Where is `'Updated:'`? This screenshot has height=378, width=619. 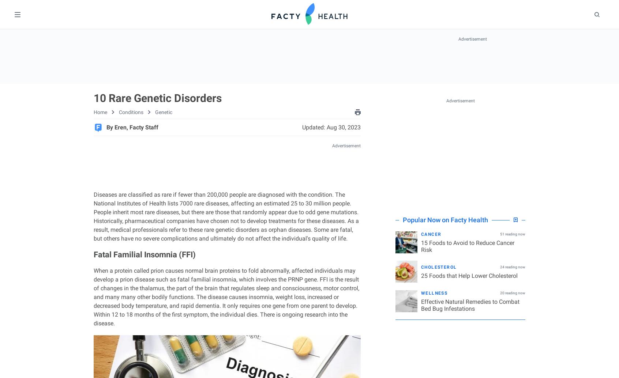
'Updated:' is located at coordinates (314, 126).